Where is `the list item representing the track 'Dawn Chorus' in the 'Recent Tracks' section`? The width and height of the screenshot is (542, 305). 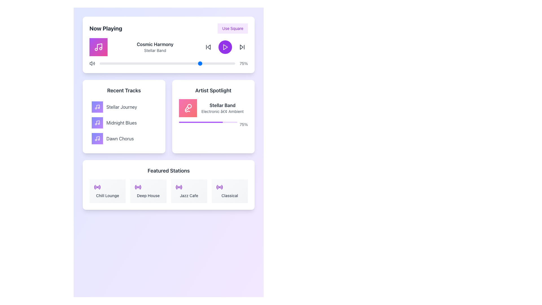 the list item representing the track 'Dawn Chorus' in the 'Recent Tracks' section is located at coordinates (124, 138).